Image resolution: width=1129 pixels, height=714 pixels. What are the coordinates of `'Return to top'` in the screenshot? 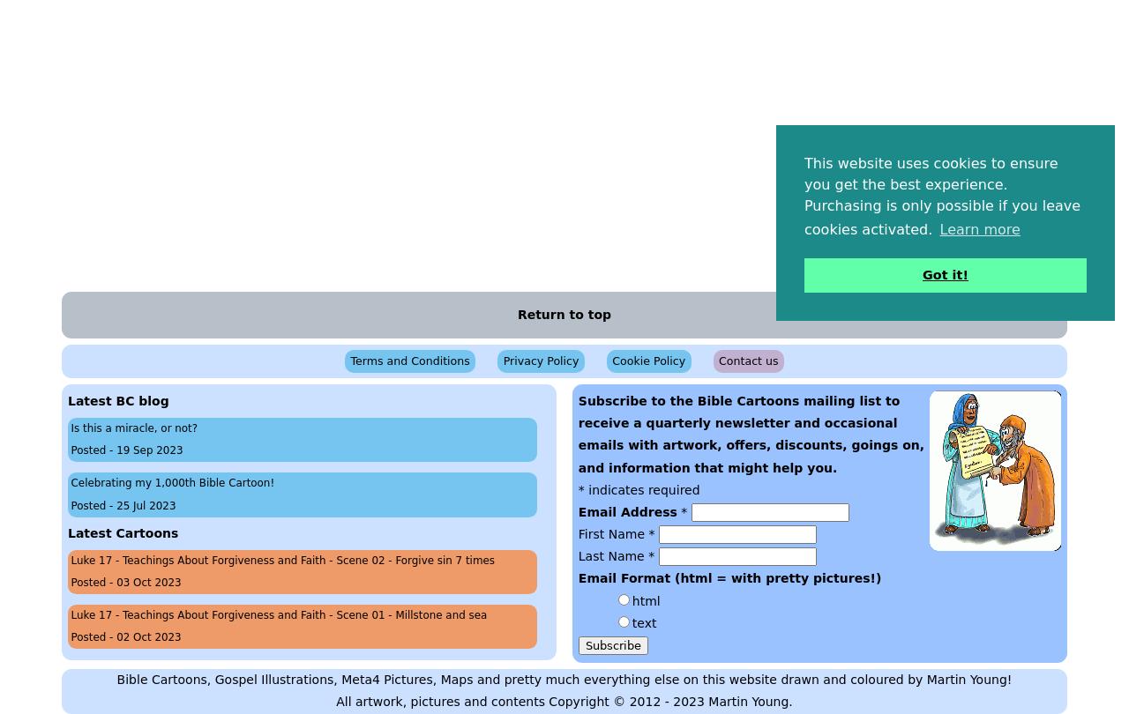 It's located at (563, 313).